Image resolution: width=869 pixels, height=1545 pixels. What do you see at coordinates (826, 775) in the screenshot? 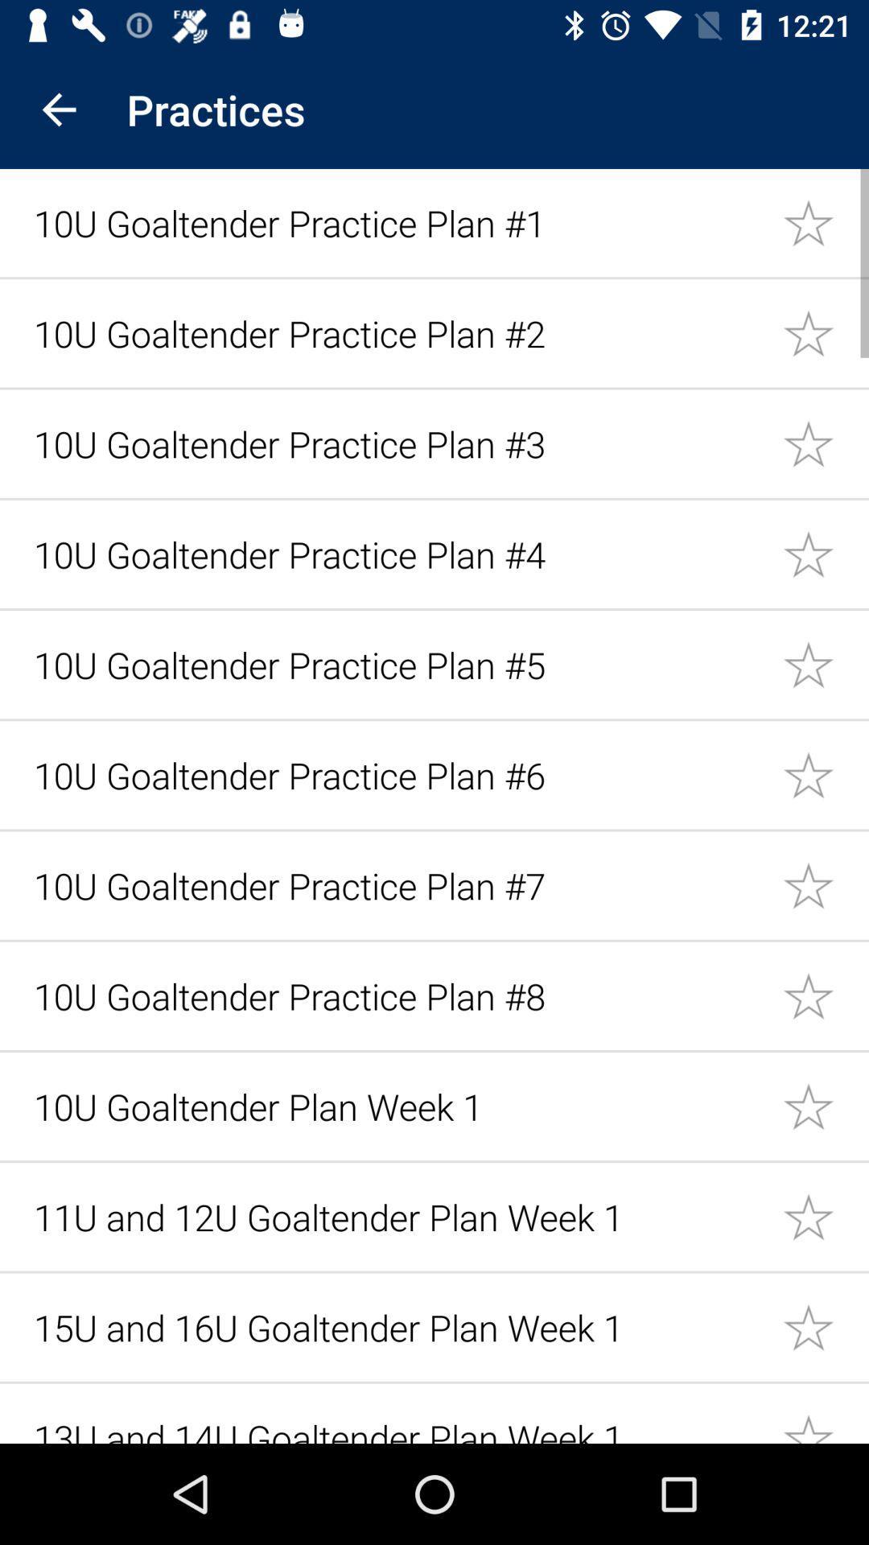
I see `mark as favorite` at bounding box center [826, 775].